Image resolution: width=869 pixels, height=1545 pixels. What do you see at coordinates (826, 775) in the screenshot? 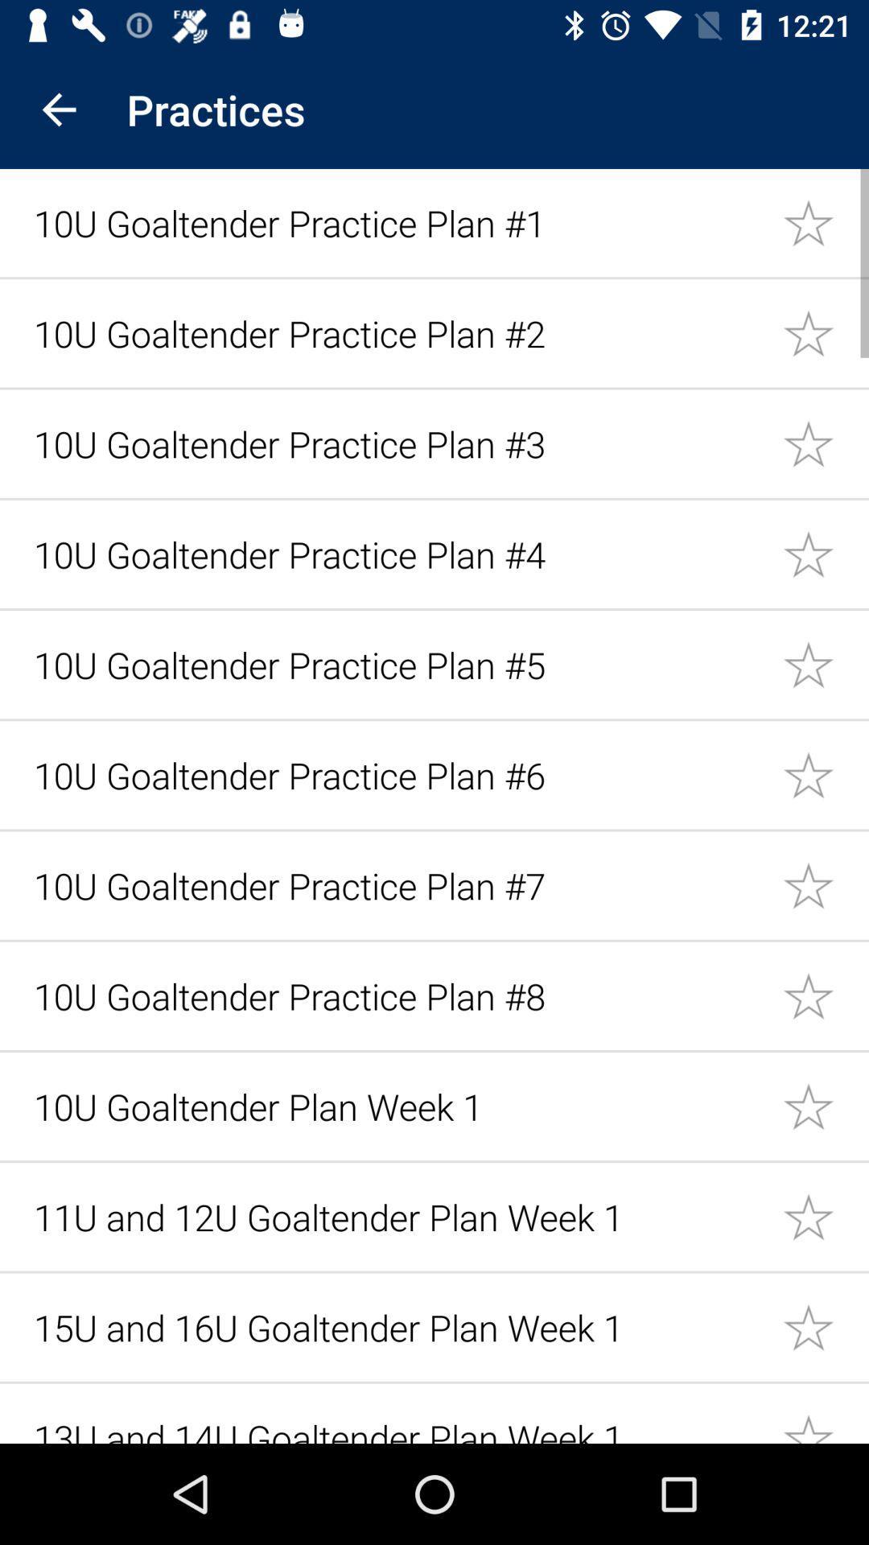
I see `mark as favorite` at bounding box center [826, 775].